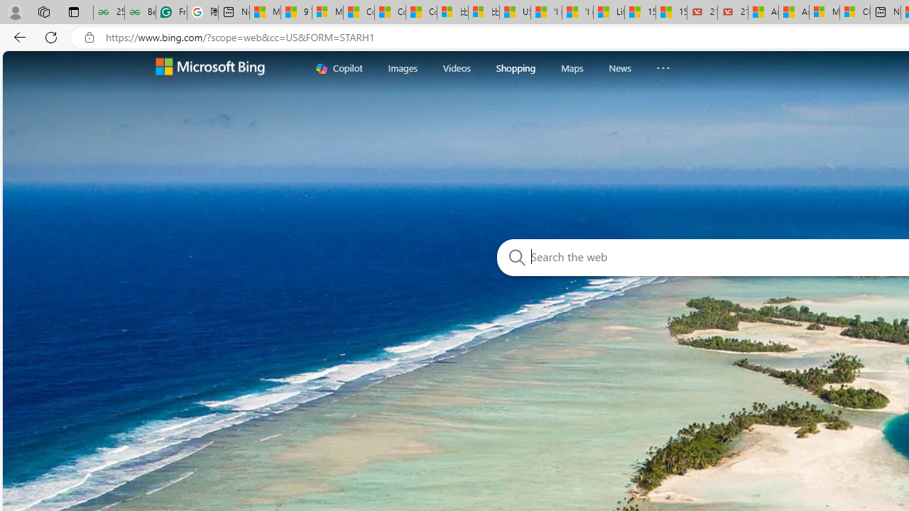 The height and width of the screenshot is (511, 909). What do you see at coordinates (402, 67) in the screenshot?
I see `'Images'` at bounding box center [402, 67].